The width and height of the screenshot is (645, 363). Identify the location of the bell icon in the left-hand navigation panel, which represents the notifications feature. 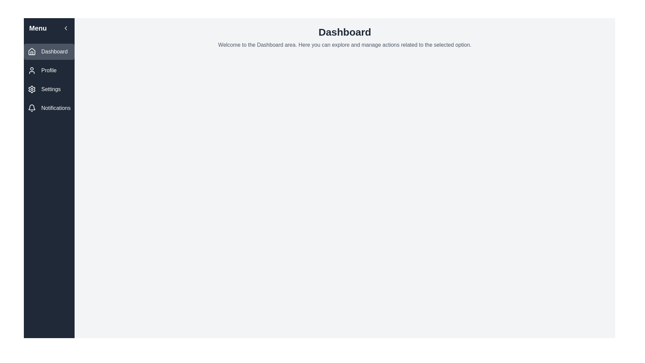
(32, 108).